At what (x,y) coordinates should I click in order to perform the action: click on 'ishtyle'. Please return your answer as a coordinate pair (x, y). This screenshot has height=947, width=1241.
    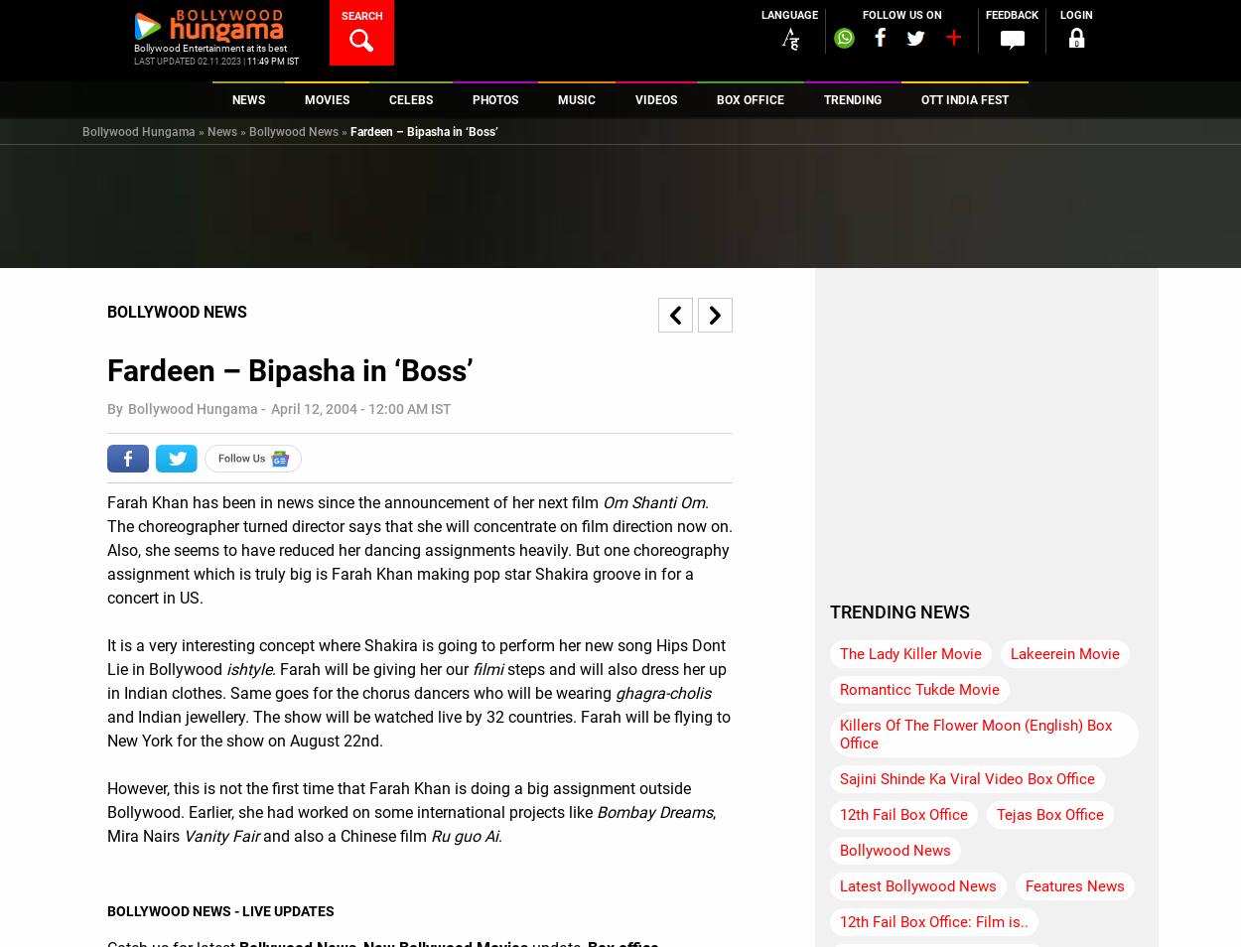
    Looking at the image, I should click on (249, 668).